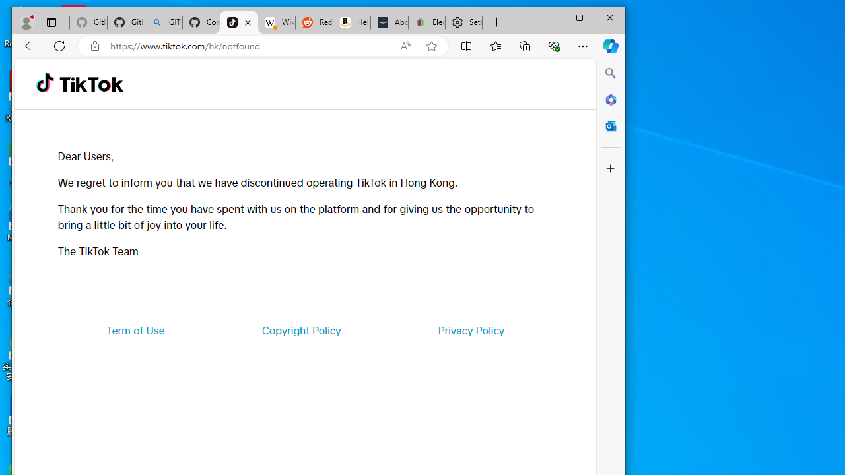 This screenshot has height=475, width=845. What do you see at coordinates (427, 22) in the screenshot?
I see `'Electronics, Cars, Fashion, Collectibles & More | eBay'` at bounding box center [427, 22].